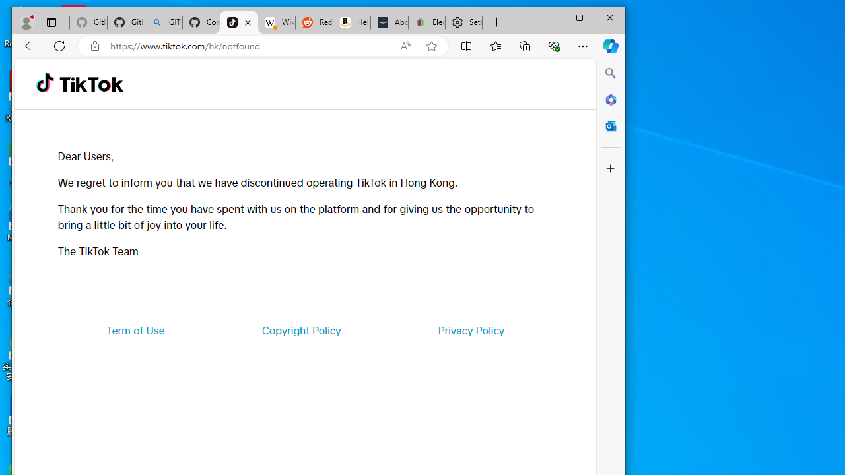 This screenshot has height=475, width=845. What do you see at coordinates (427, 22) in the screenshot?
I see `'Electronics, Cars, Fashion, Collectibles & More | eBay'` at bounding box center [427, 22].